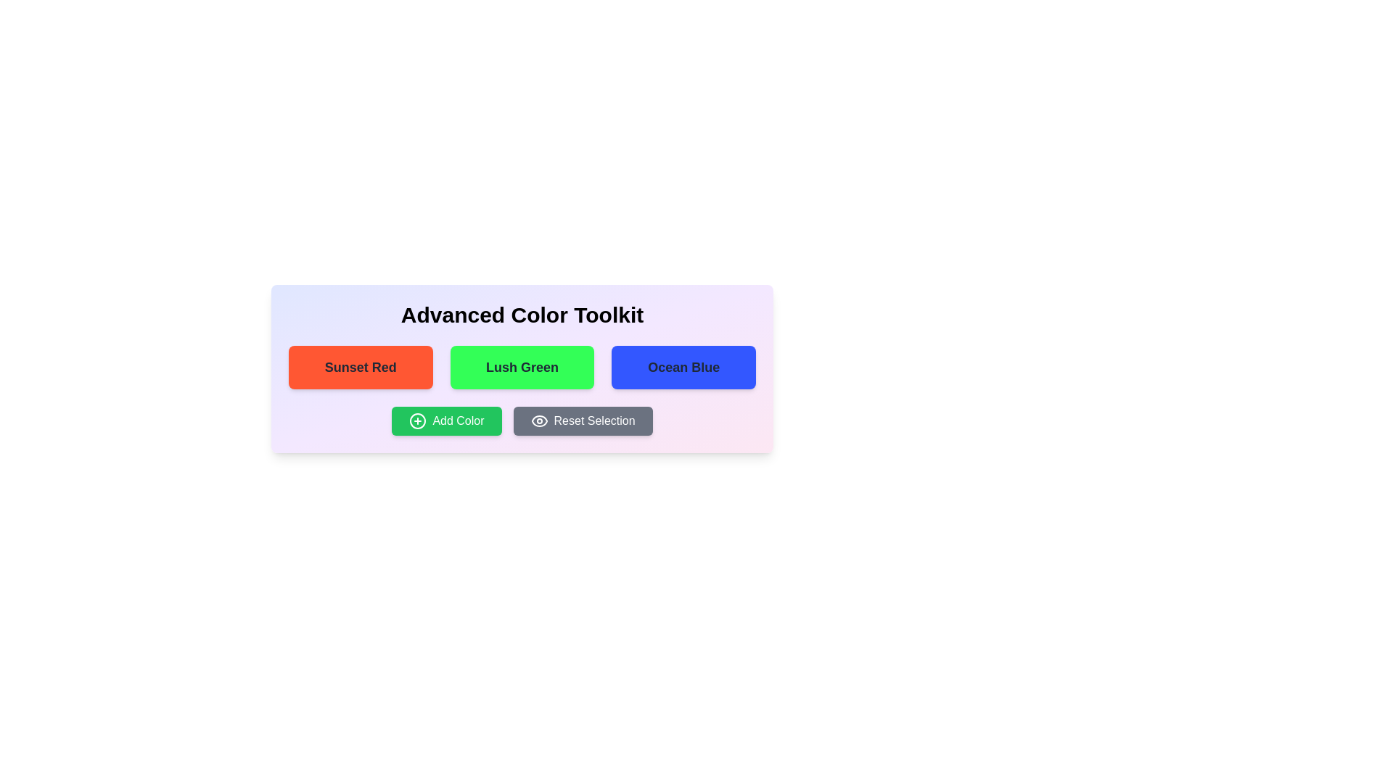 The image size is (1393, 783). I want to click on the 'Add Color' button using keyboard navigation, so click(445, 421).